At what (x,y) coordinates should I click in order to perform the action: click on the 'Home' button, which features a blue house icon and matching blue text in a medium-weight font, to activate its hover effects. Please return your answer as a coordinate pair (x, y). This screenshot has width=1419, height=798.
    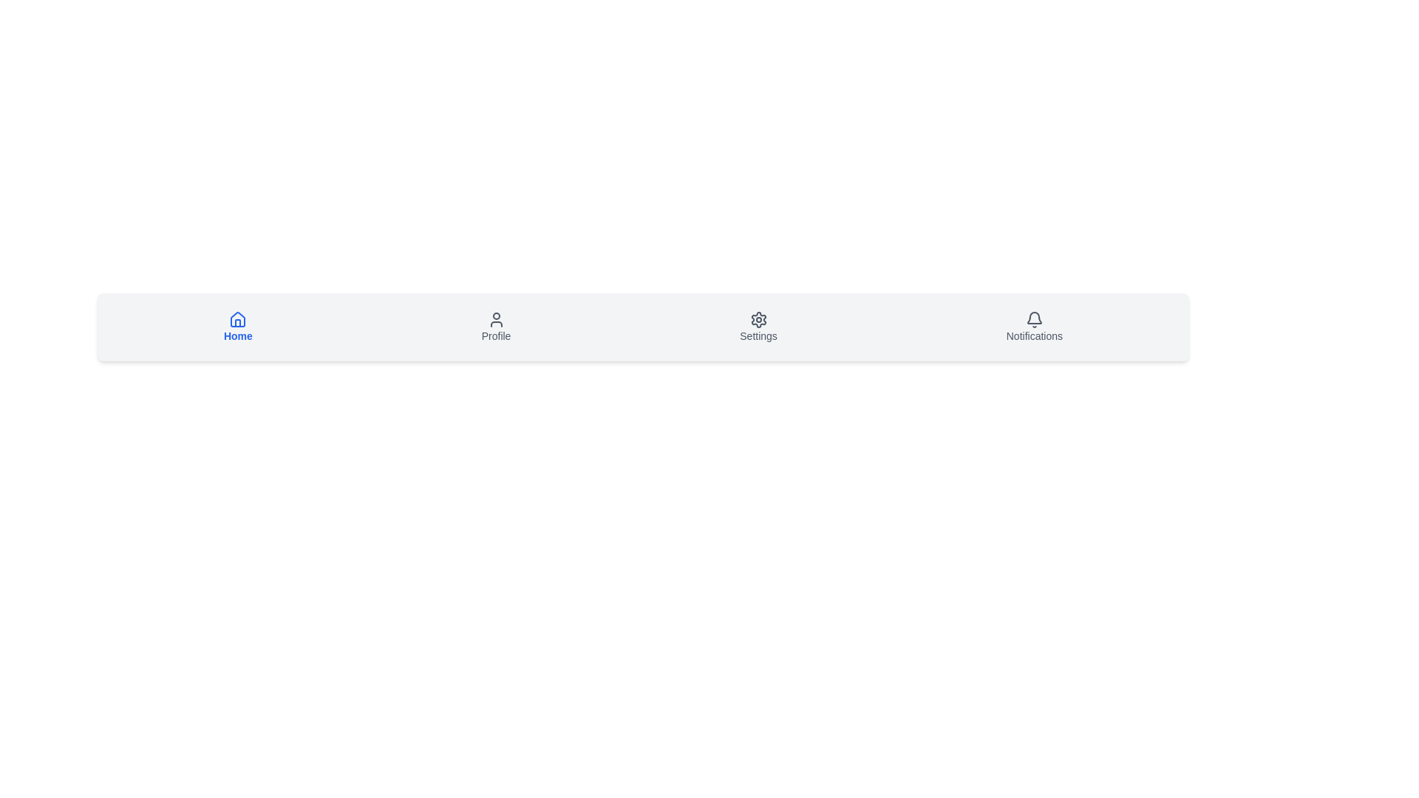
    Looking at the image, I should click on (238, 327).